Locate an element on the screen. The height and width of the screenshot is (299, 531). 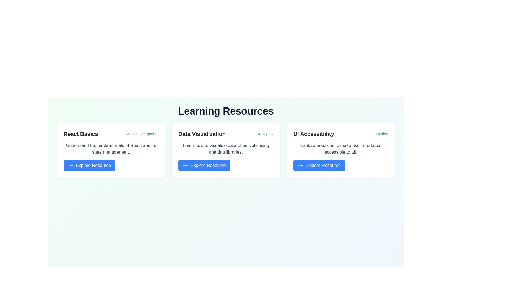
the third button in the 'UI Accessibility' section is located at coordinates (319, 165).